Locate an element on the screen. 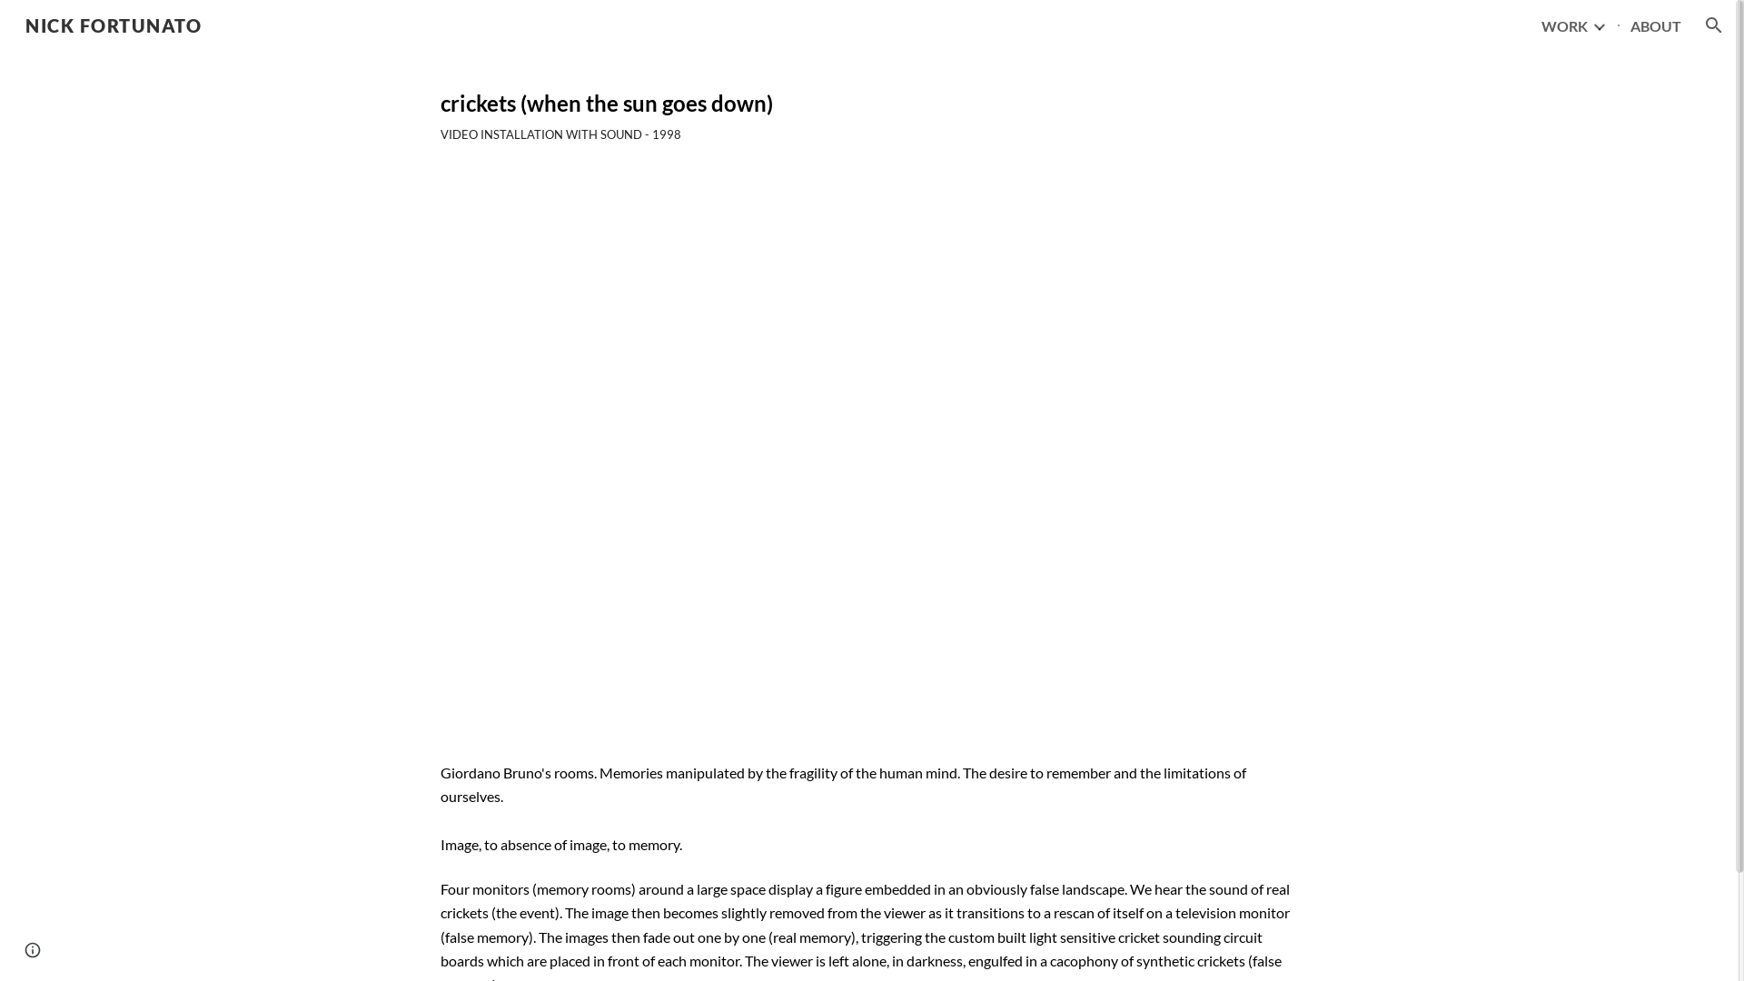 The height and width of the screenshot is (981, 1744). 'NICK FORTUNATO' is located at coordinates (112, 22).